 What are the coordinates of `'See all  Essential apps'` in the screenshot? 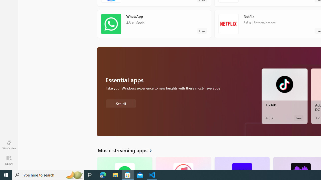 It's located at (121, 103).